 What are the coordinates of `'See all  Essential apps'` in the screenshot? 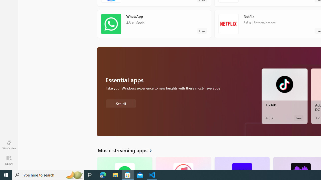 It's located at (121, 103).